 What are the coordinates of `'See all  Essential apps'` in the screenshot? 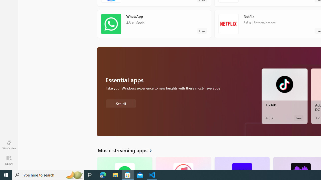 It's located at (121, 103).